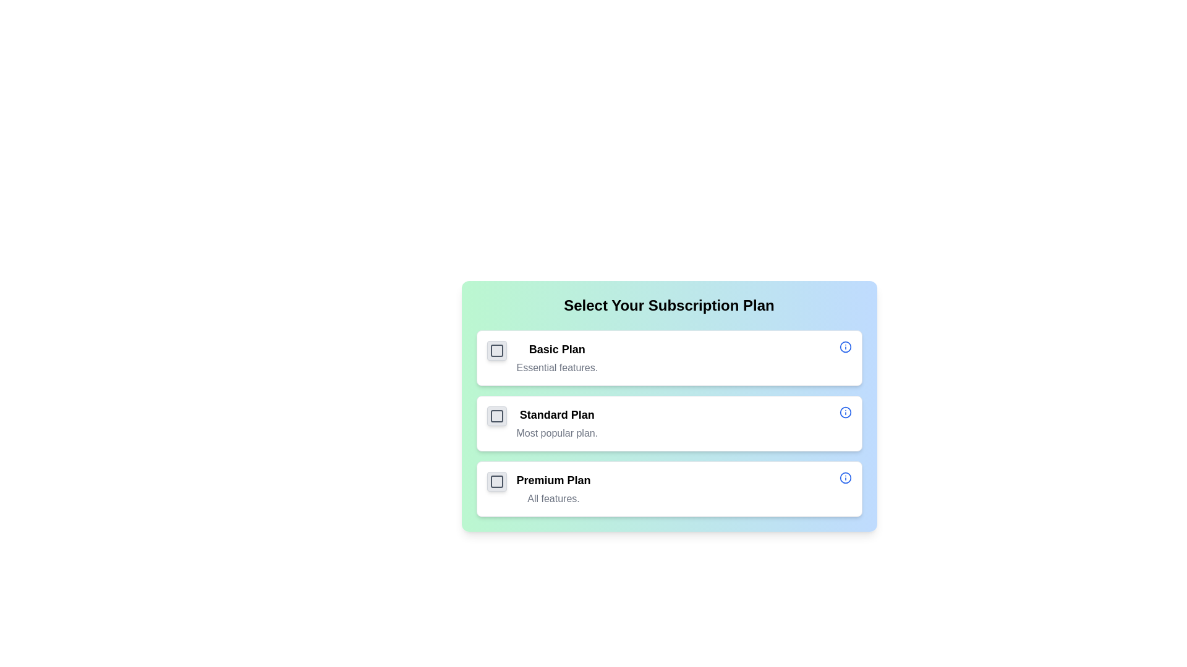 This screenshot has height=667, width=1187. Describe the element at coordinates (845, 347) in the screenshot. I see `the blue circular informational icon with a white background and blue outline, located at the far right of the 'Basic Plan' card` at that location.